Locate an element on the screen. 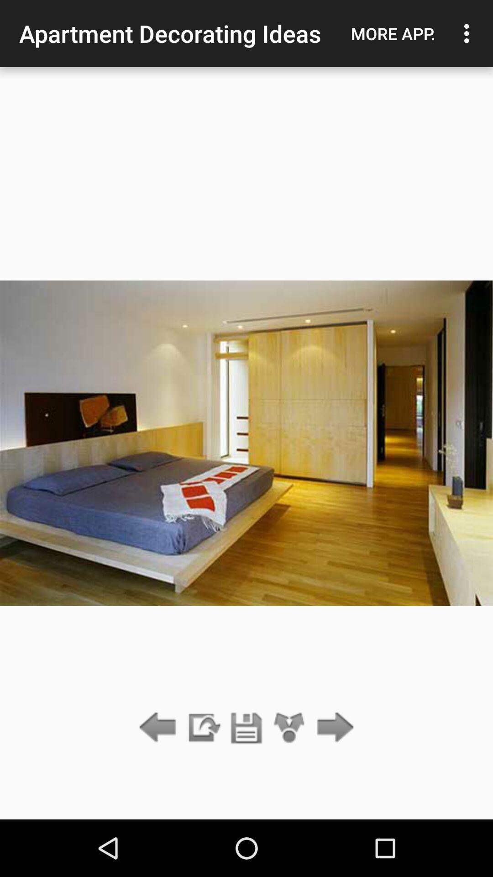  the arrow_forward icon is located at coordinates (333, 728).